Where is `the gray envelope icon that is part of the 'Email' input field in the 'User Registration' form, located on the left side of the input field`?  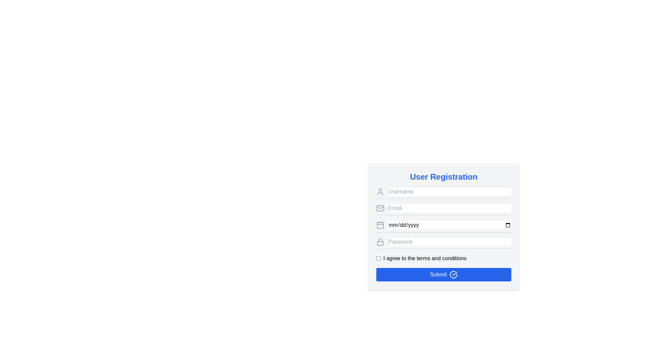 the gray envelope icon that is part of the 'Email' input field in the 'User Registration' form, located on the left side of the input field is located at coordinates (380, 207).